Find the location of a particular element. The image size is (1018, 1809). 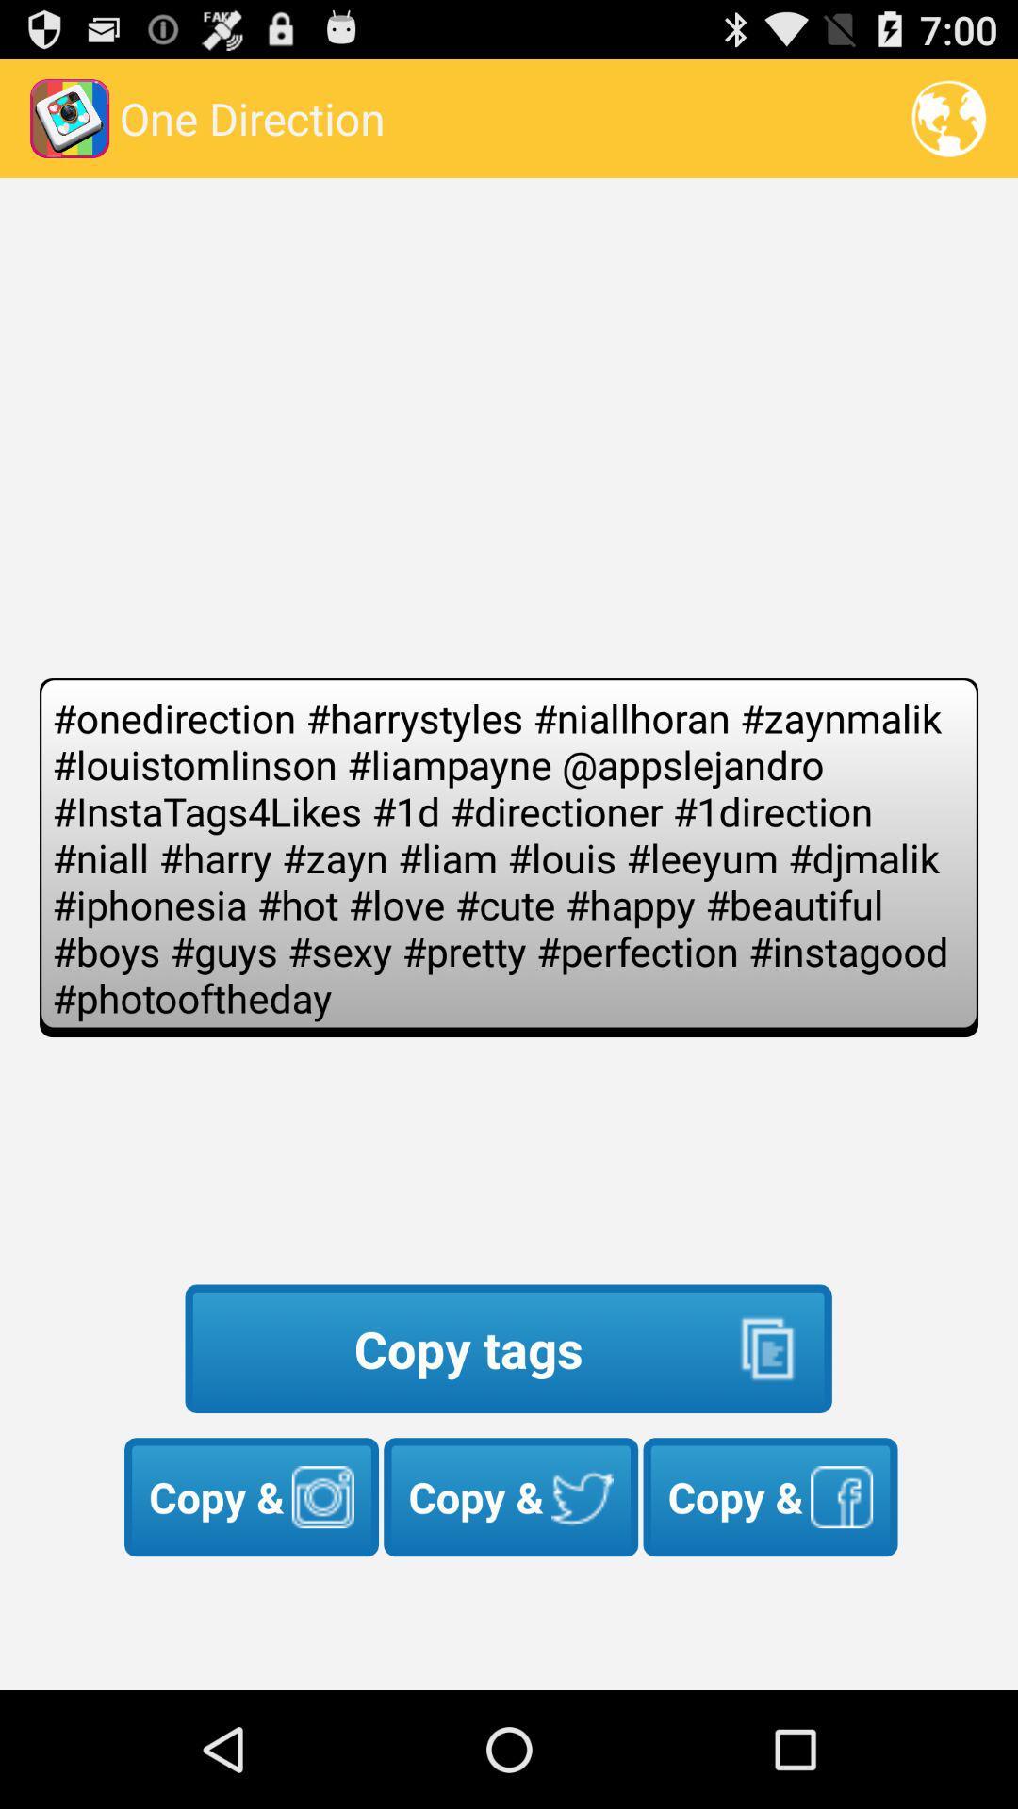

the item above the onedirection harrystyles niallhoran icon is located at coordinates (948, 117).